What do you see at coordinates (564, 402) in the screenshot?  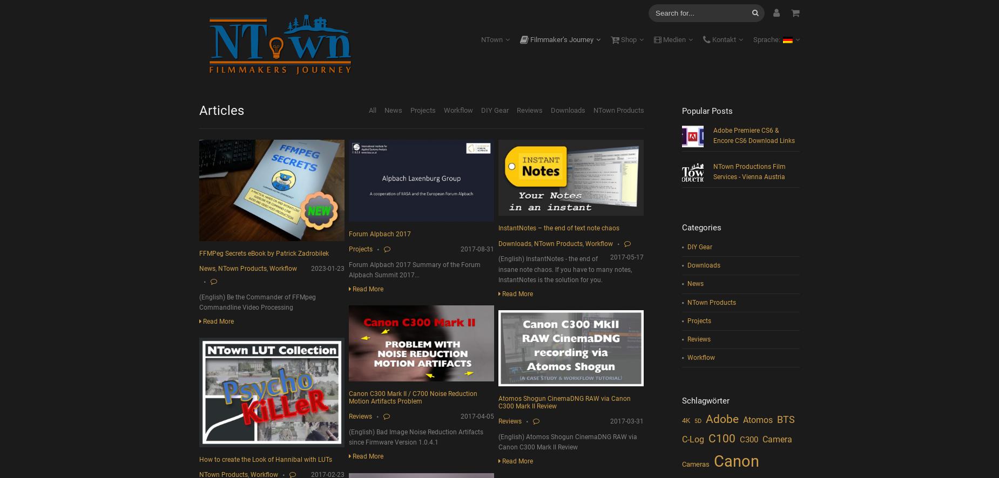 I see `'Atomos Shogun CinemaDNG RAW via Canon C300 Mark II Review'` at bounding box center [564, 402].